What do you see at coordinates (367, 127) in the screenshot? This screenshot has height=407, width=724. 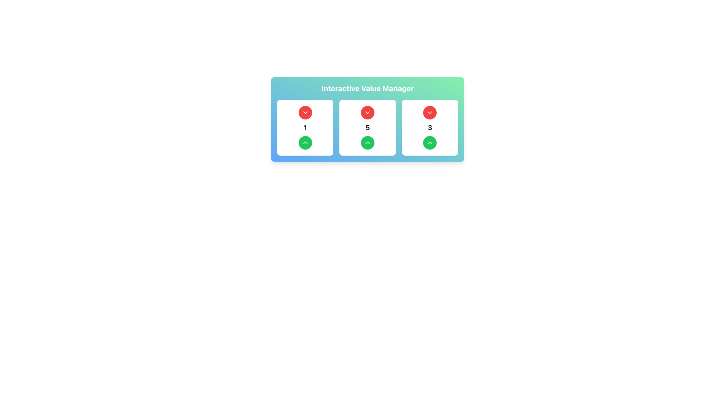 I see `the increment button on the interactive value display panel located in the center of the grid layout of the 'Interactive Value Manager' to increase the displayed value` at bounding box center [367, 127].